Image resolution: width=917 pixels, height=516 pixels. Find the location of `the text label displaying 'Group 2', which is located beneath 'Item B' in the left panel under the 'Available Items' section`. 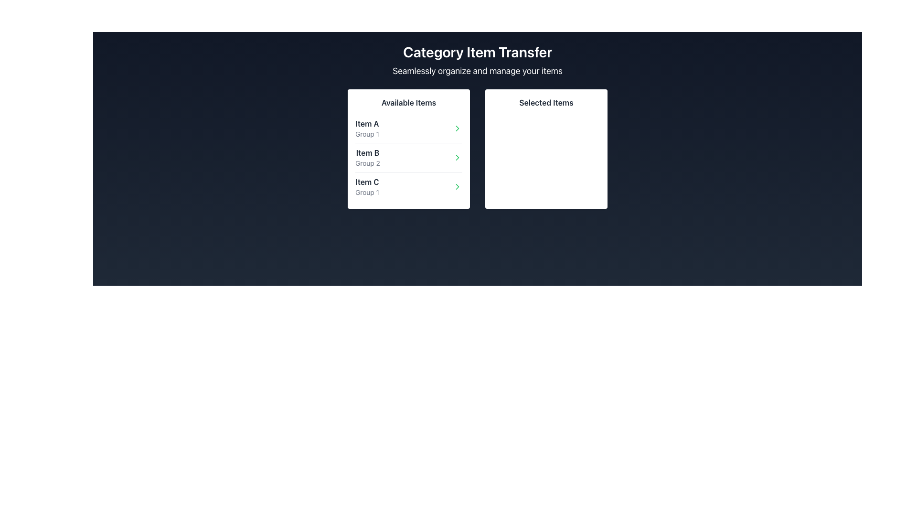

the text label displaying 'Group 2', which is located beneath 'Item B' in the left panel under the 'Available Items' section is located at coordinates (367, 163).